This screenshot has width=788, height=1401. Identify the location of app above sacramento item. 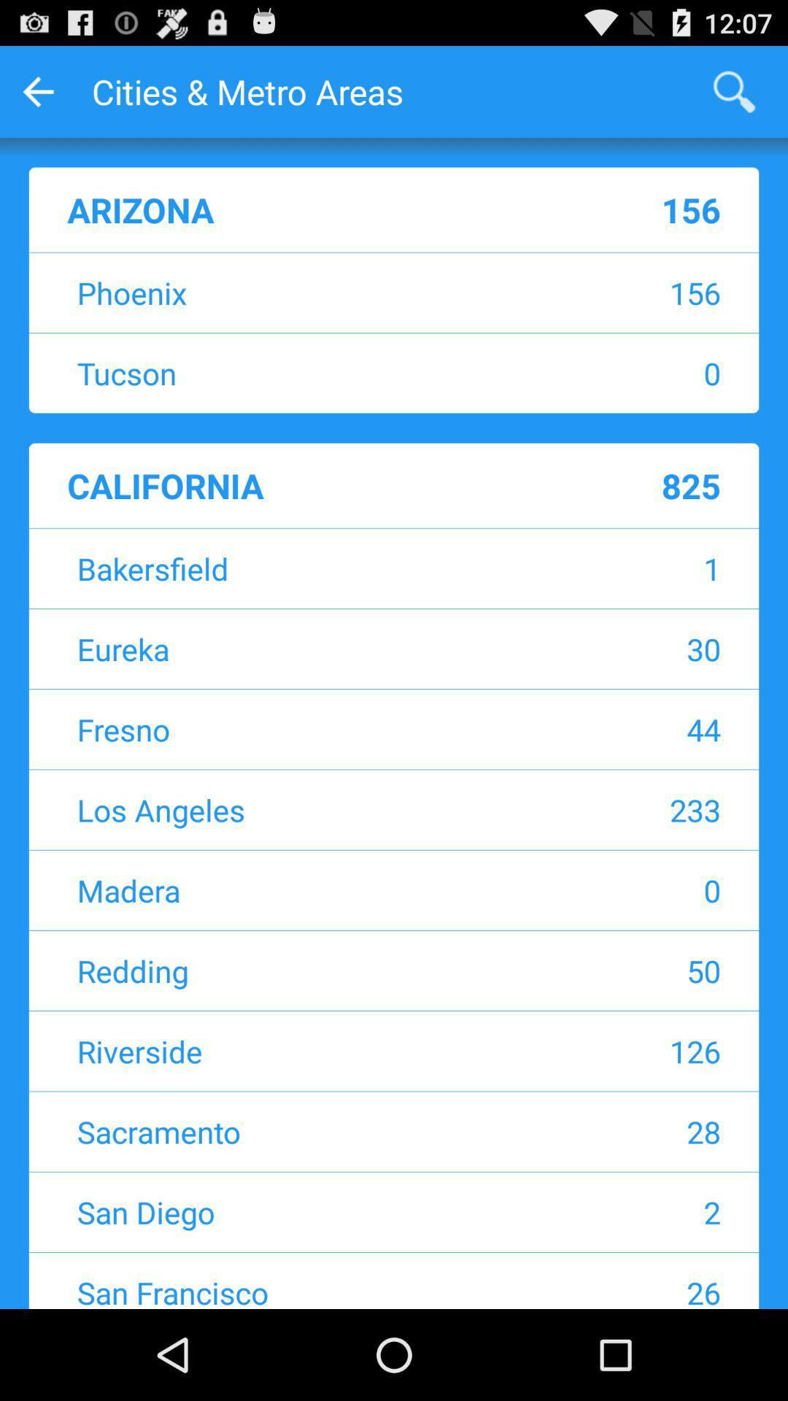
(624, 1051).